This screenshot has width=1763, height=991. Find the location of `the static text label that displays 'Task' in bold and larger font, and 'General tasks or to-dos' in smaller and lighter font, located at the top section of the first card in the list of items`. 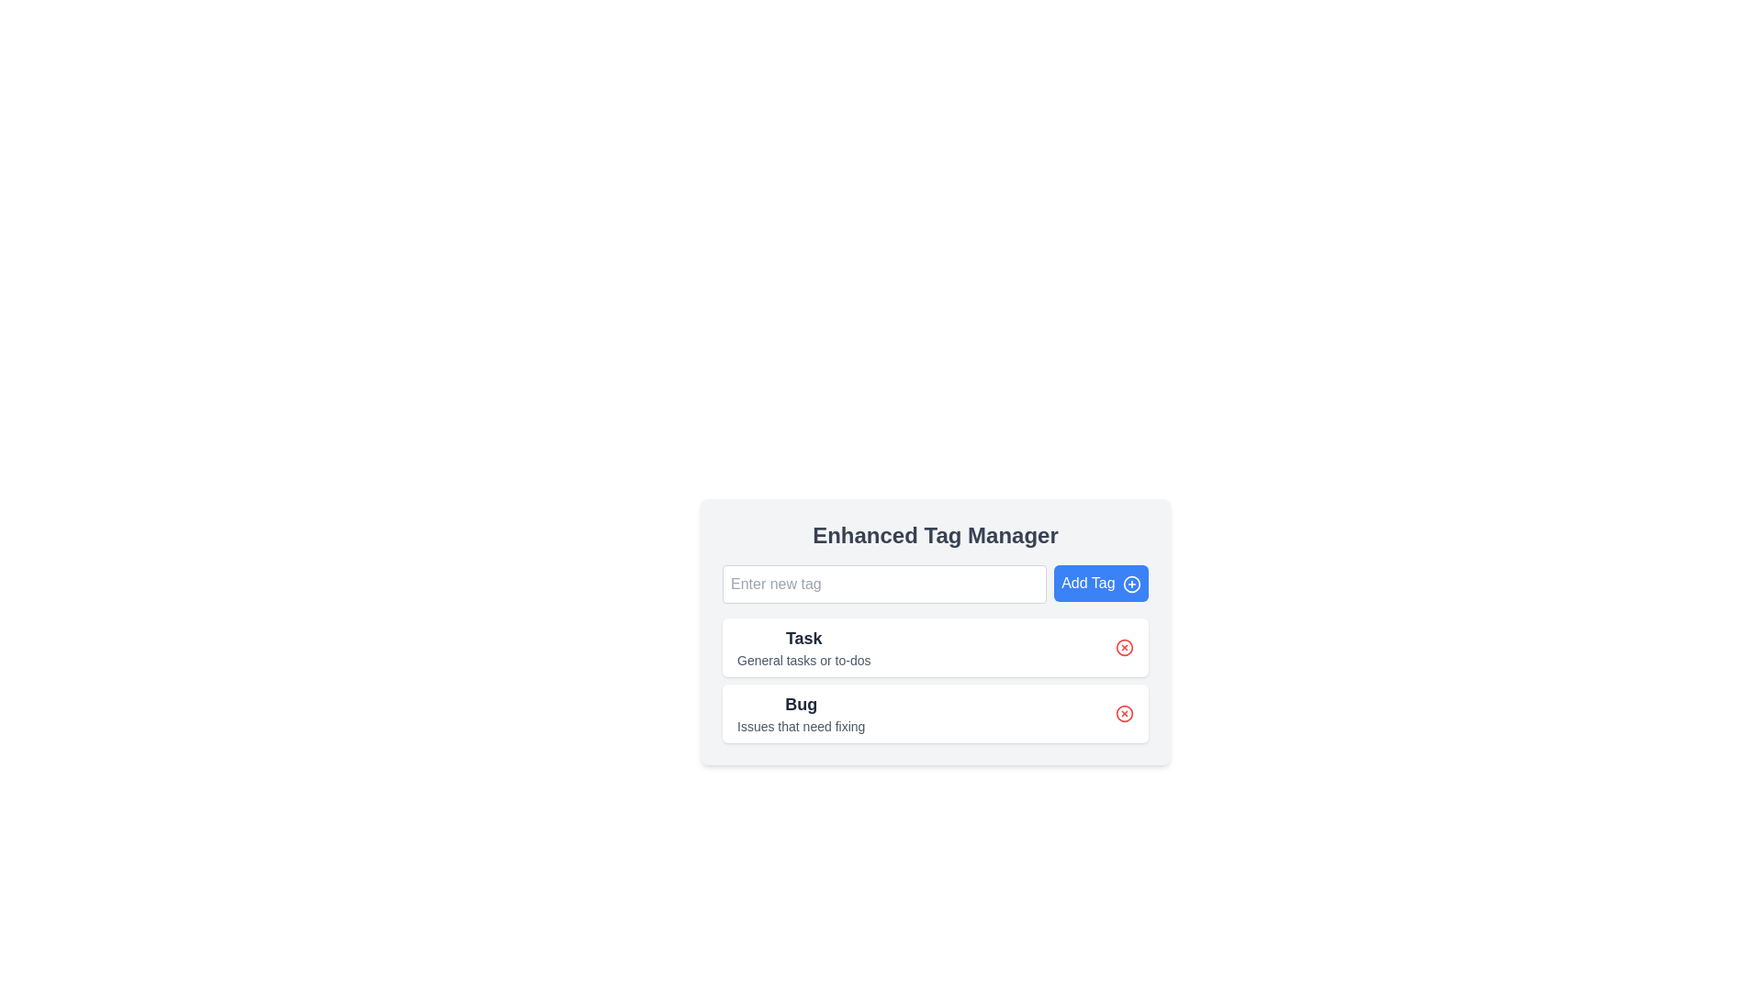

the static text label that displays 'Task' in bold and larger font, and 'General tasks or to-dos' in smaller and lighter font, located at the top section of the first card in the list of items is located at coordinates (803, 646).